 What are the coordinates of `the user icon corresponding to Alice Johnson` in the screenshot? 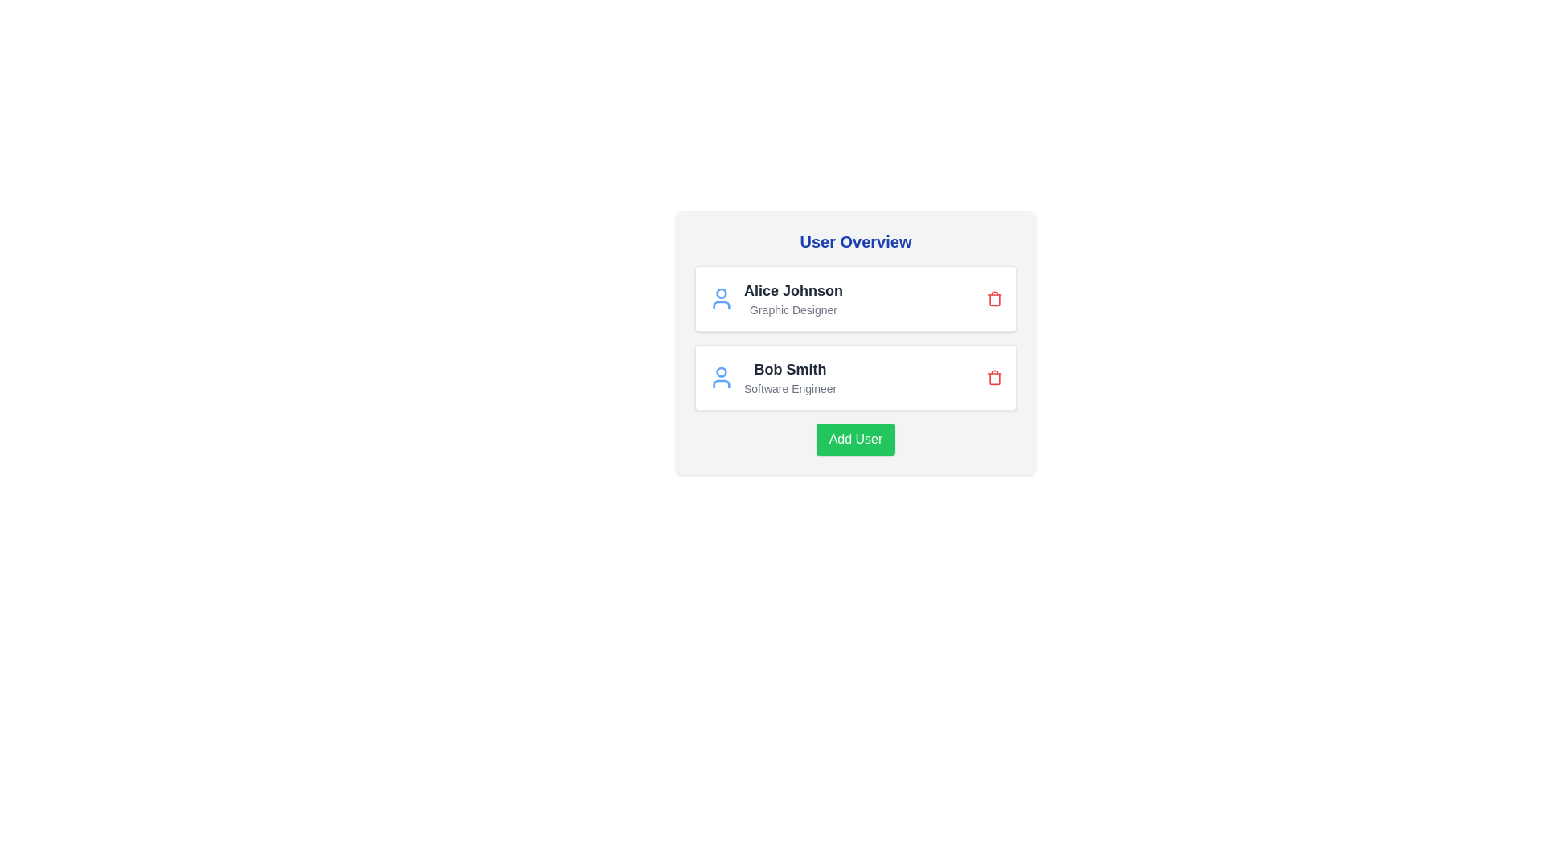 It's located at (720, 298).